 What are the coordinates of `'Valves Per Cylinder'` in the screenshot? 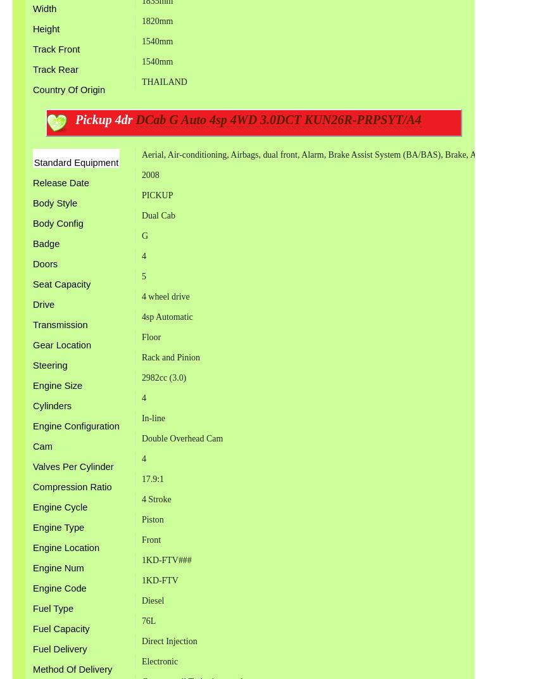 It's located at (73, 466).